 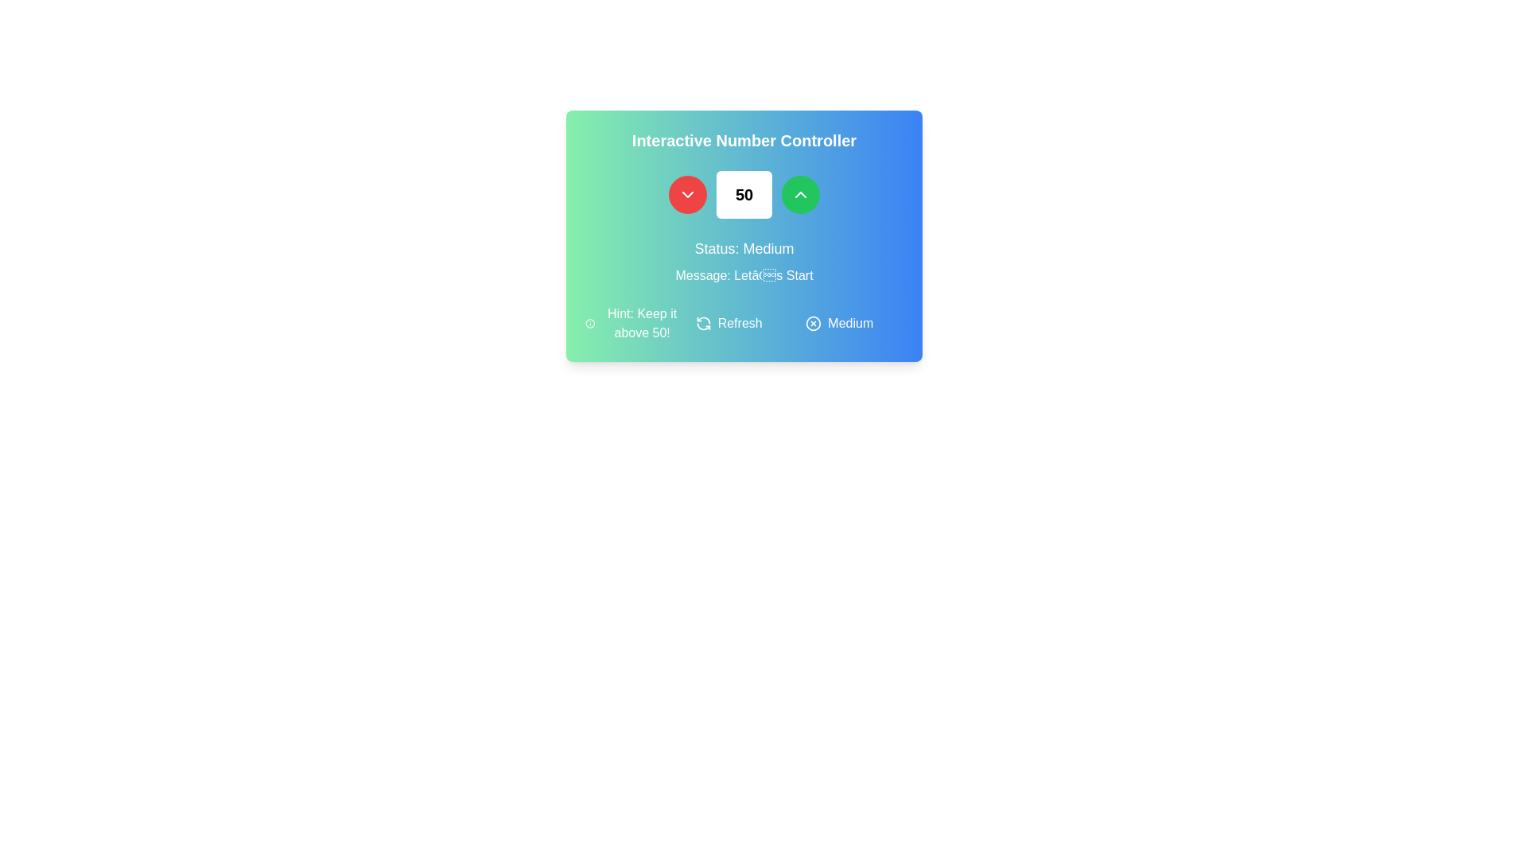 What do you see at coordinates (744, 260) in the screenshot?
I see `the static text display showing 'Status: Medium' and 'Message: Let’s Start' within the 'Interactive Number Controller' card` at bounding box center [744, 260].